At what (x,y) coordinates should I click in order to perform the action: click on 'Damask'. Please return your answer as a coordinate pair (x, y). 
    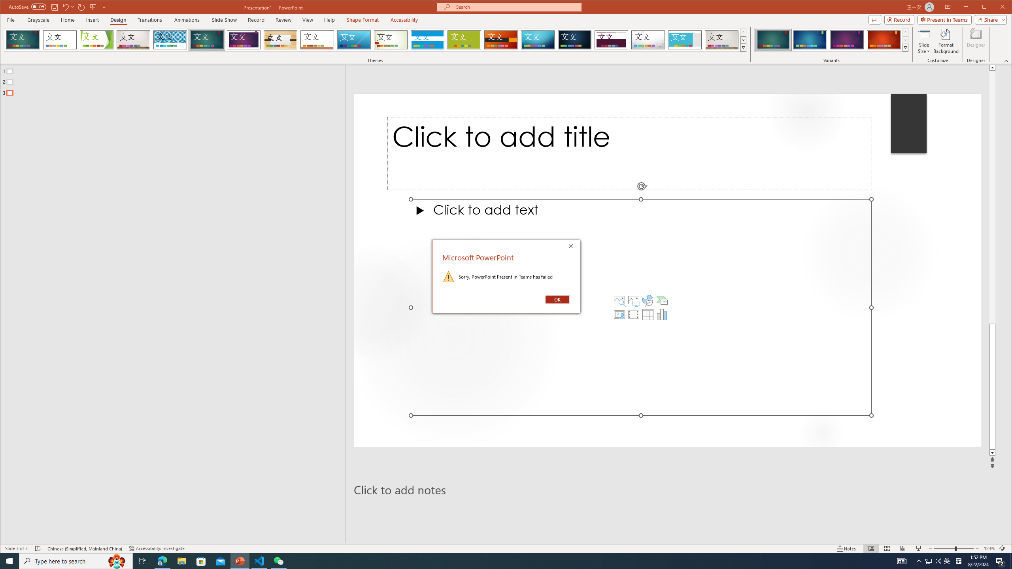
    Looking at the image, I should click on (575, 40).